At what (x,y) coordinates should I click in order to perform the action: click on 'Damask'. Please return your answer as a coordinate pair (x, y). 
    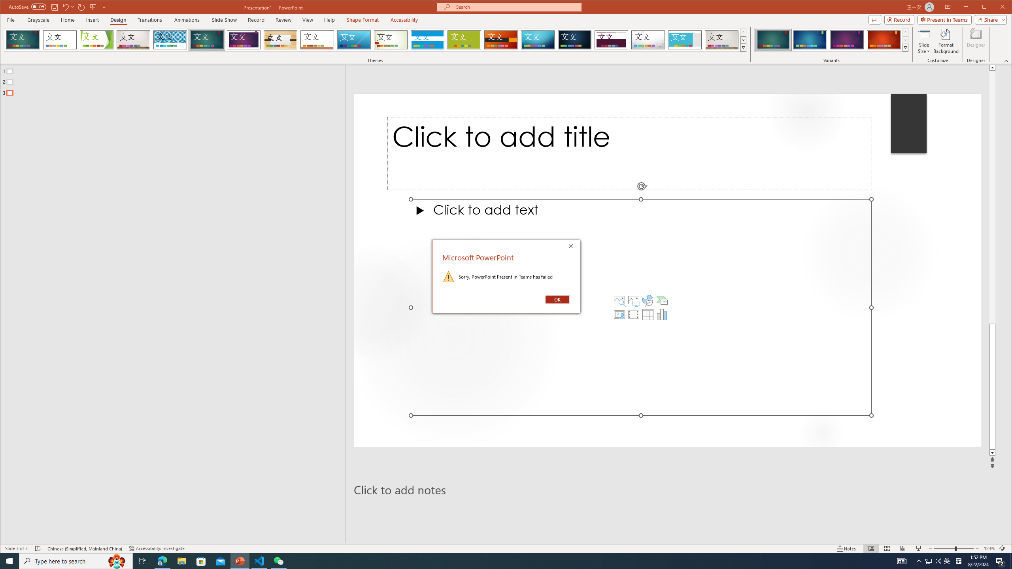
    Looking at the image, I should click on (575, 40).